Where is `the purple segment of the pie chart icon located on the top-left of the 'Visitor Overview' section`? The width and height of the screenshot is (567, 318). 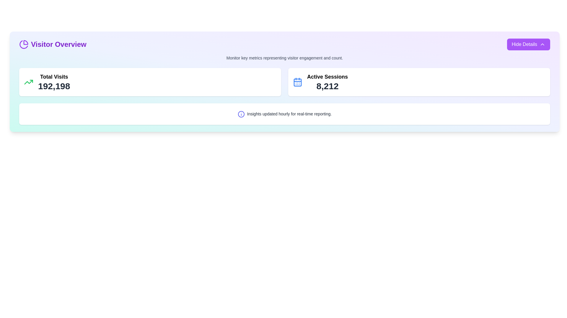 the purple segment of the pie chart icon located on the top-left of the 'Visitor Overview' section is located at coordinates (25, 42).